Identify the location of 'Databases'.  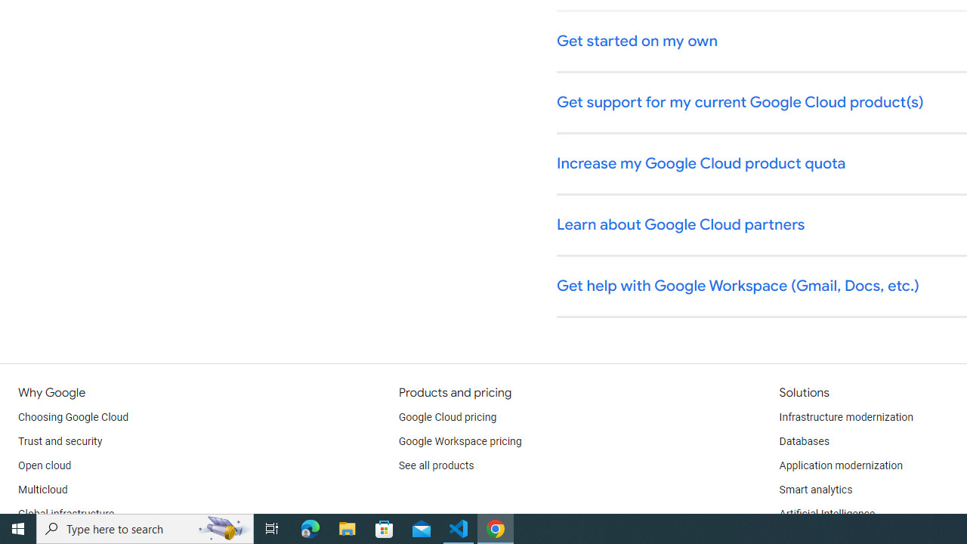
(803, 442).